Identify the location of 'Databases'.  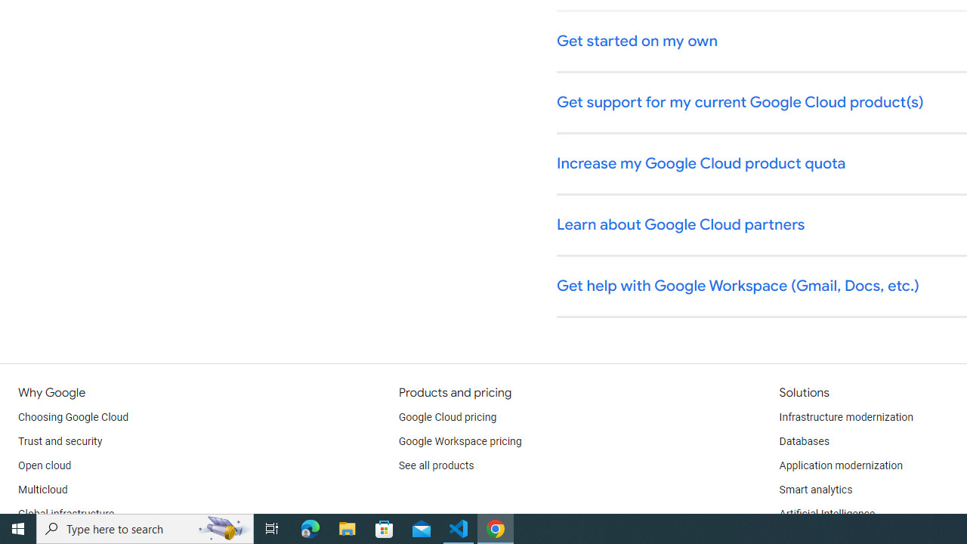
(803, 442).